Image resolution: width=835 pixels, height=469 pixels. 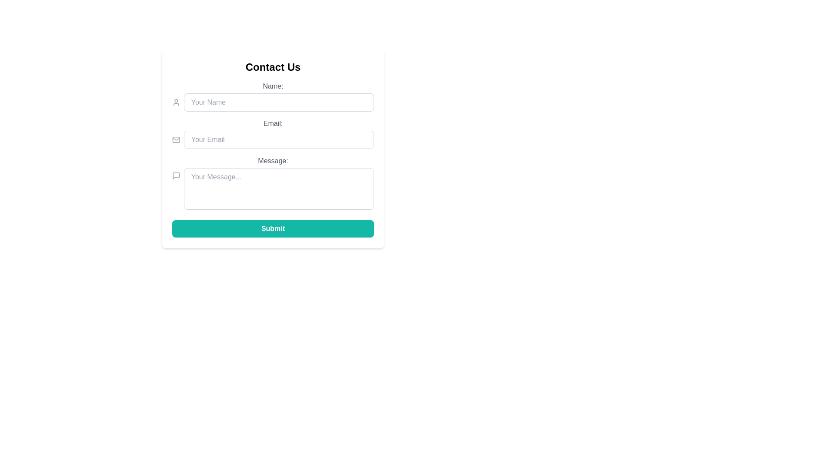 What do you see at coordinates (273, 228) in the screenshot?
I see `the 'Submit' button located at the bottom of the 'Contact Us' form` at bounding box center [273, 228].